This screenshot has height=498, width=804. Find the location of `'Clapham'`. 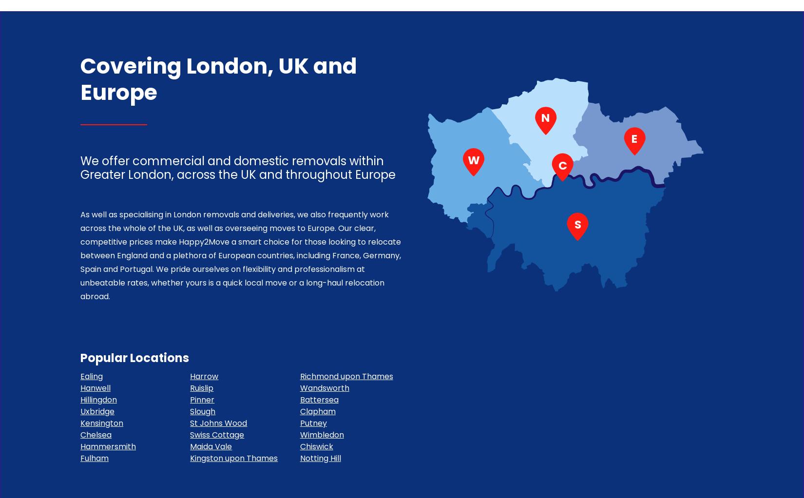

'Clapham' is located at coordinates (299, 411).